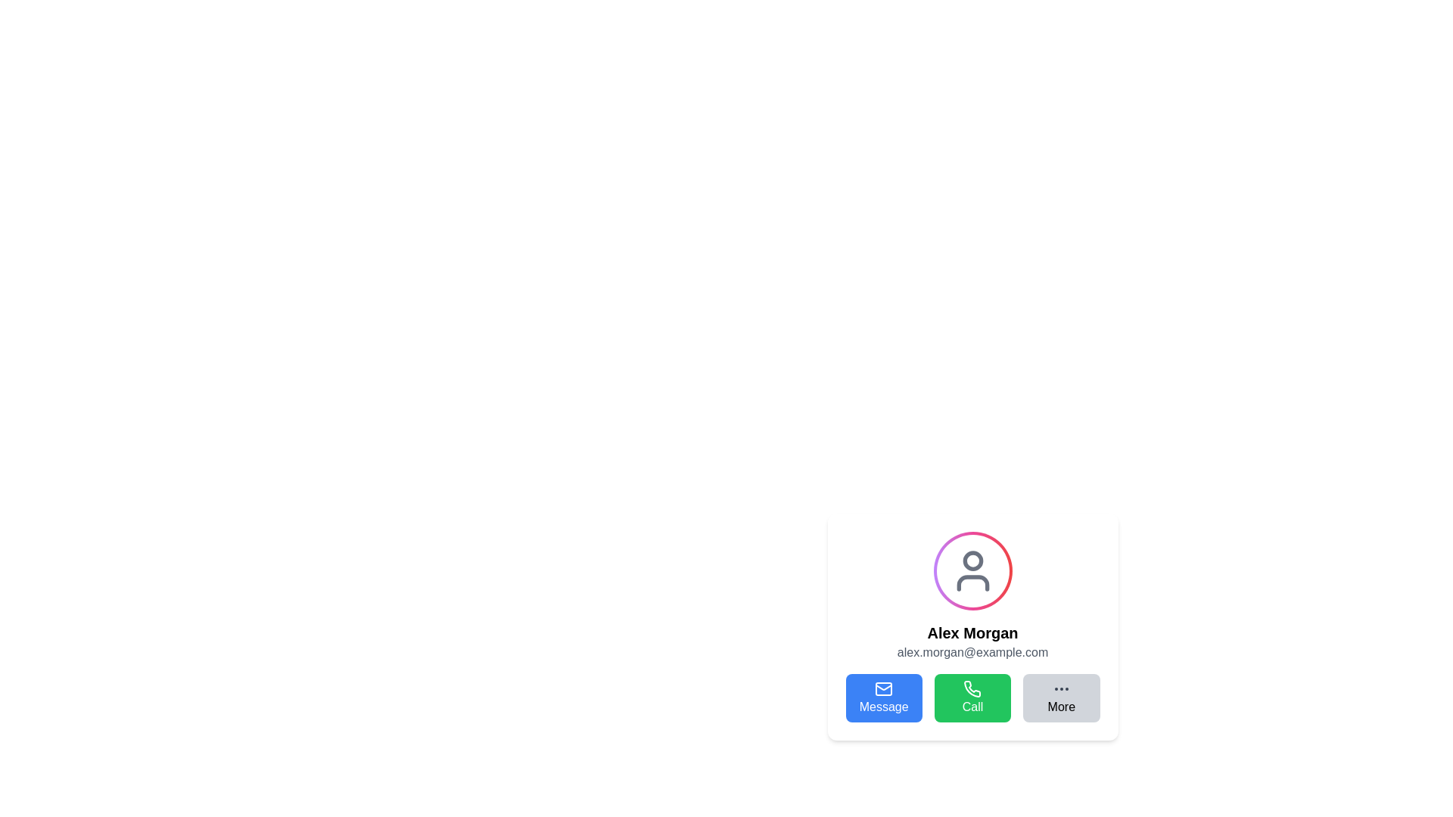 The width and height of the screenshot is (1453, 817). I want to click on the interactive button located at the bottom of Alex Morgan's profile card to initiate a call, so click(972, 697).